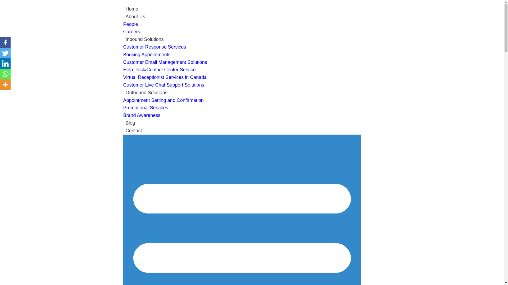 The height and width of the screenshot is (285, 508). Describe the element at coordinates (132, 31) in the screenshot. I see `'Careers'` at that location.